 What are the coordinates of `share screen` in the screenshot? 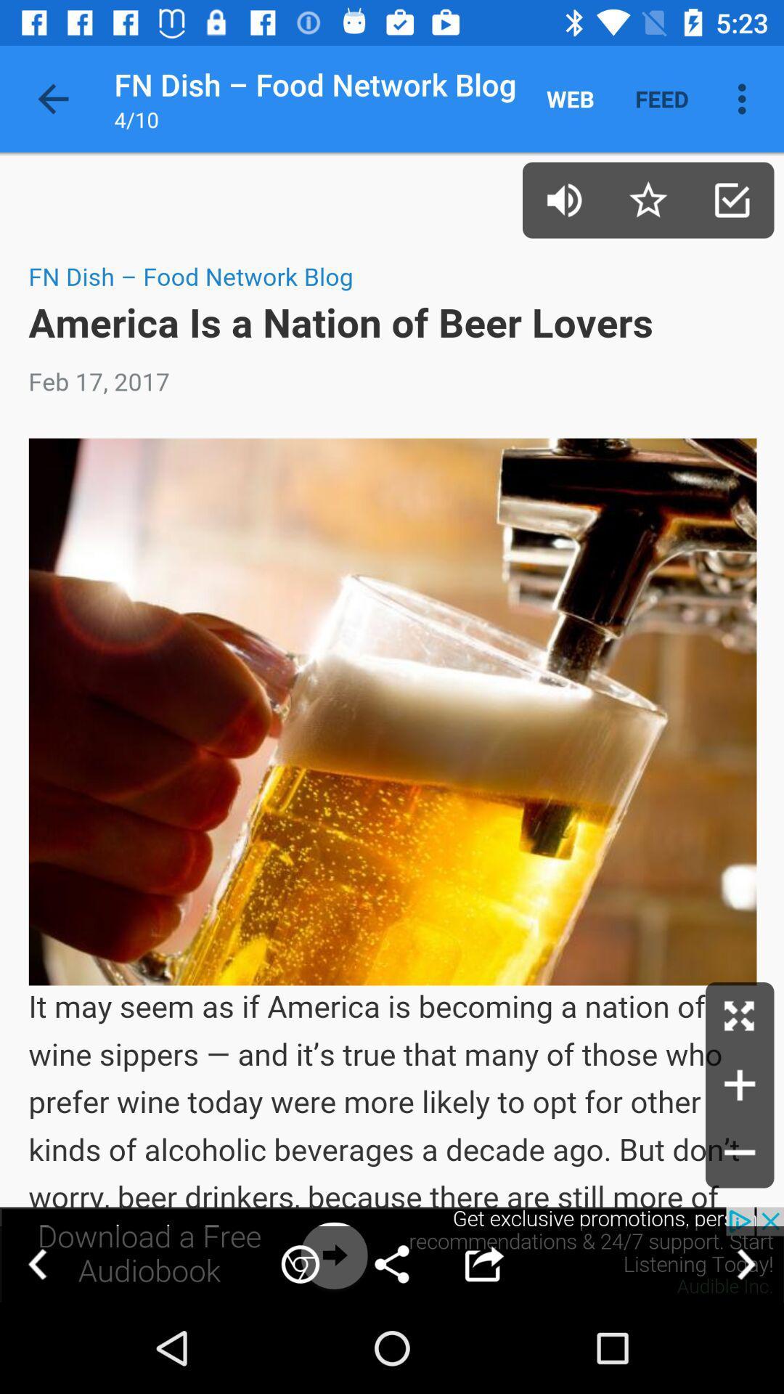 It's located at (392, 1254).